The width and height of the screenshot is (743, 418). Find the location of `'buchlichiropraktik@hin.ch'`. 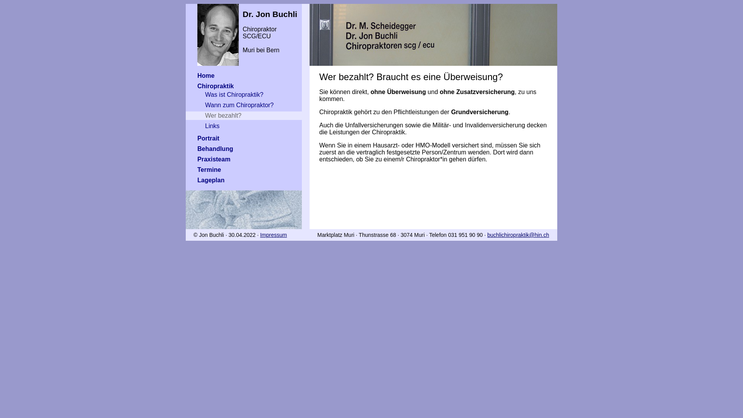

'buchlichiropraktik@hin.ch' is located at coordinates (518, 234).